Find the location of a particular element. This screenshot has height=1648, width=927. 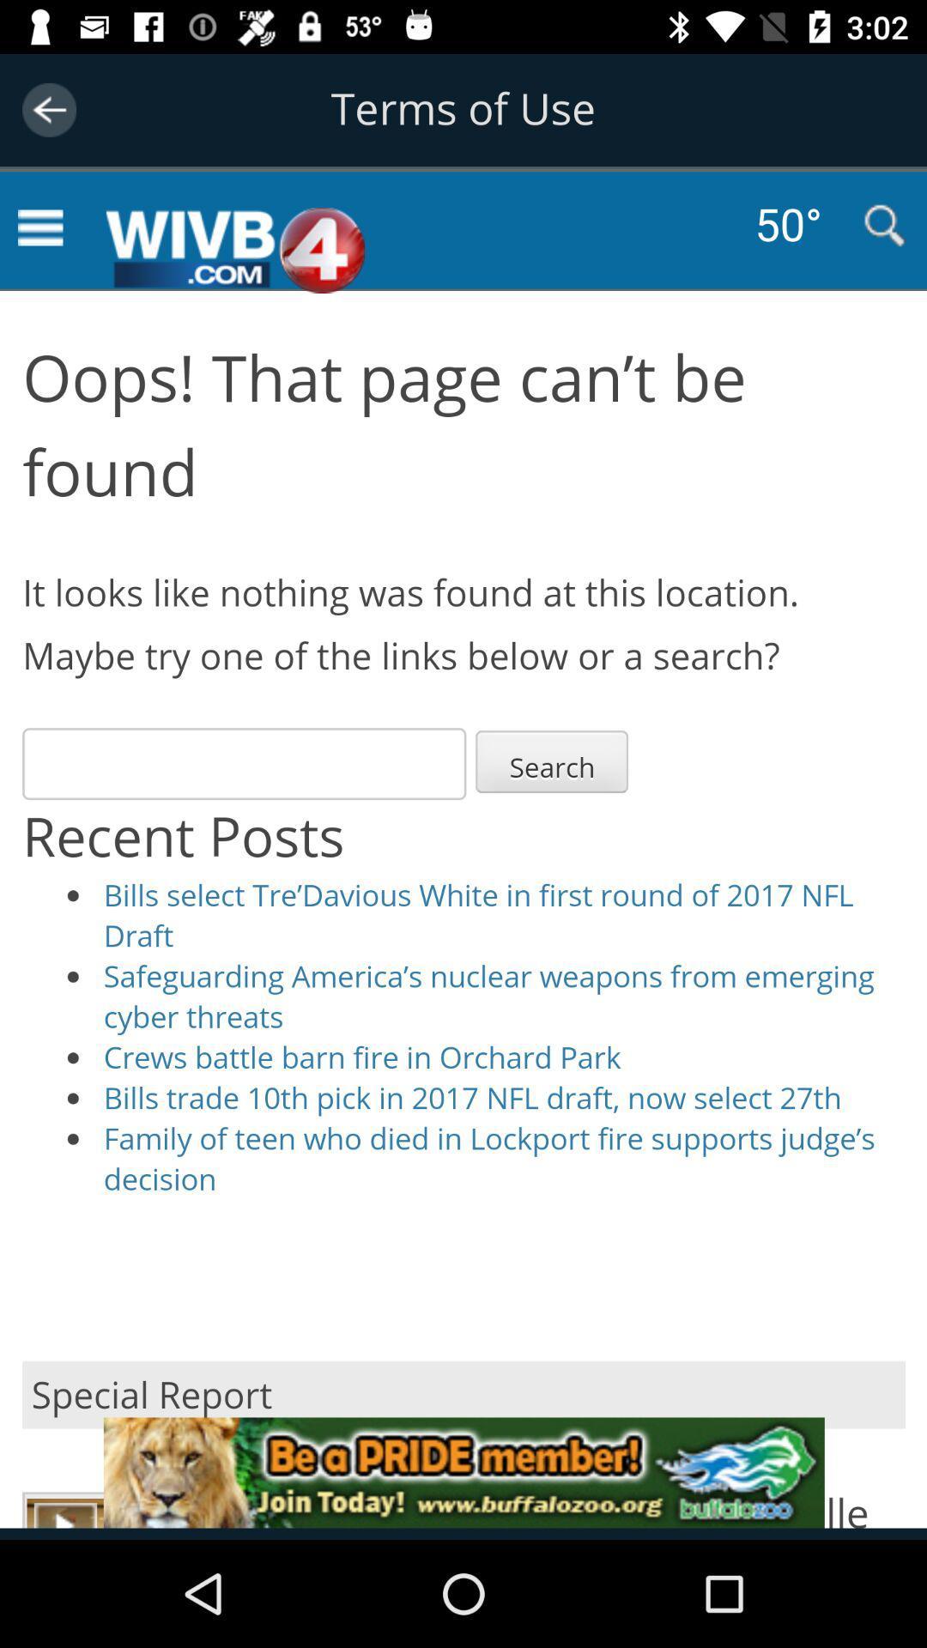

the arrow_backward icon is located at coordinates (48, 109).